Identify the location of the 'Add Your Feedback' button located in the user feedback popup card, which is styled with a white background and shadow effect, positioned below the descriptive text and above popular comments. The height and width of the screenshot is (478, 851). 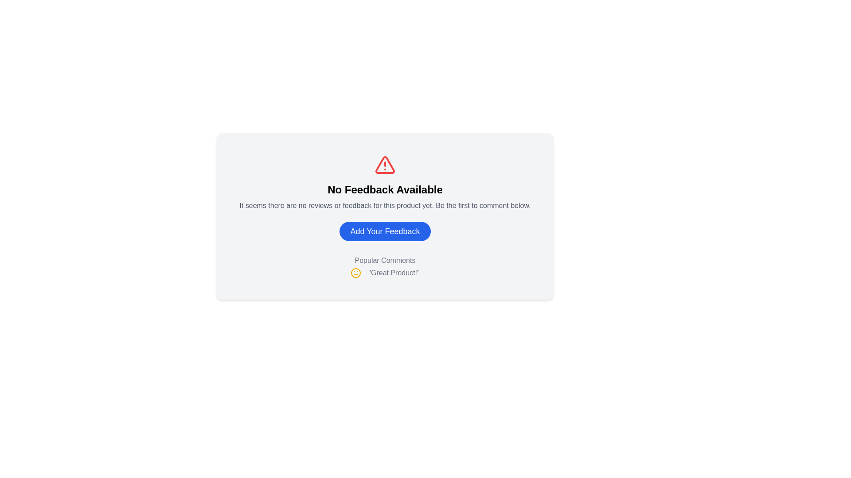
(385, 218).